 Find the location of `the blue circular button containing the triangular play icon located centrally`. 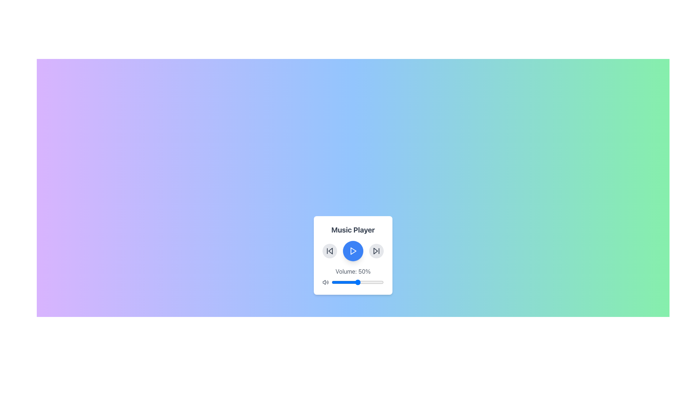

the blue circular button containing the triangular play icon located centrally is located at coordinates (353, 251).